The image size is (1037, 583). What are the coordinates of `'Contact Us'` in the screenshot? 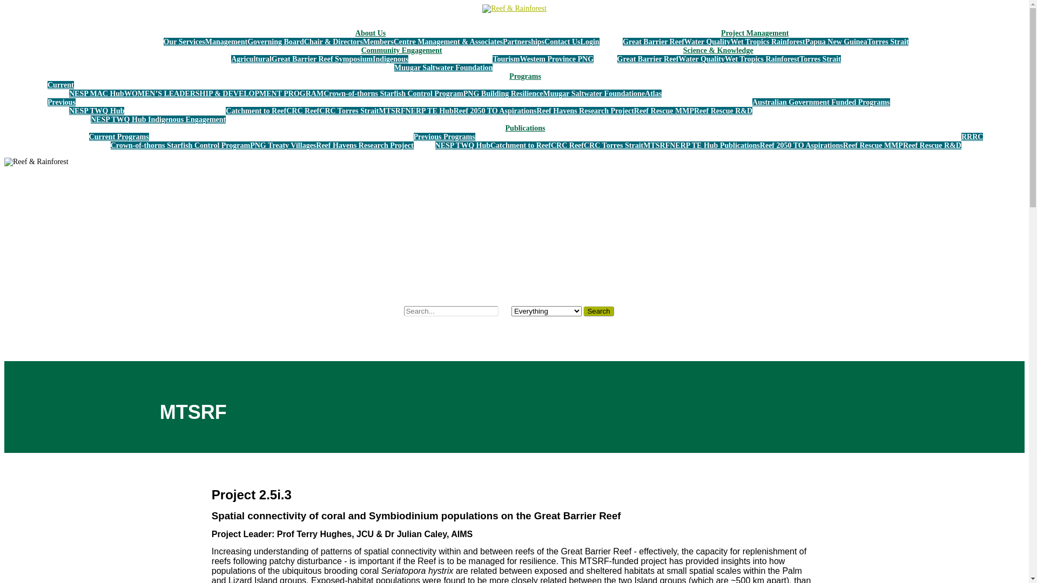 It's located at (544, 41).